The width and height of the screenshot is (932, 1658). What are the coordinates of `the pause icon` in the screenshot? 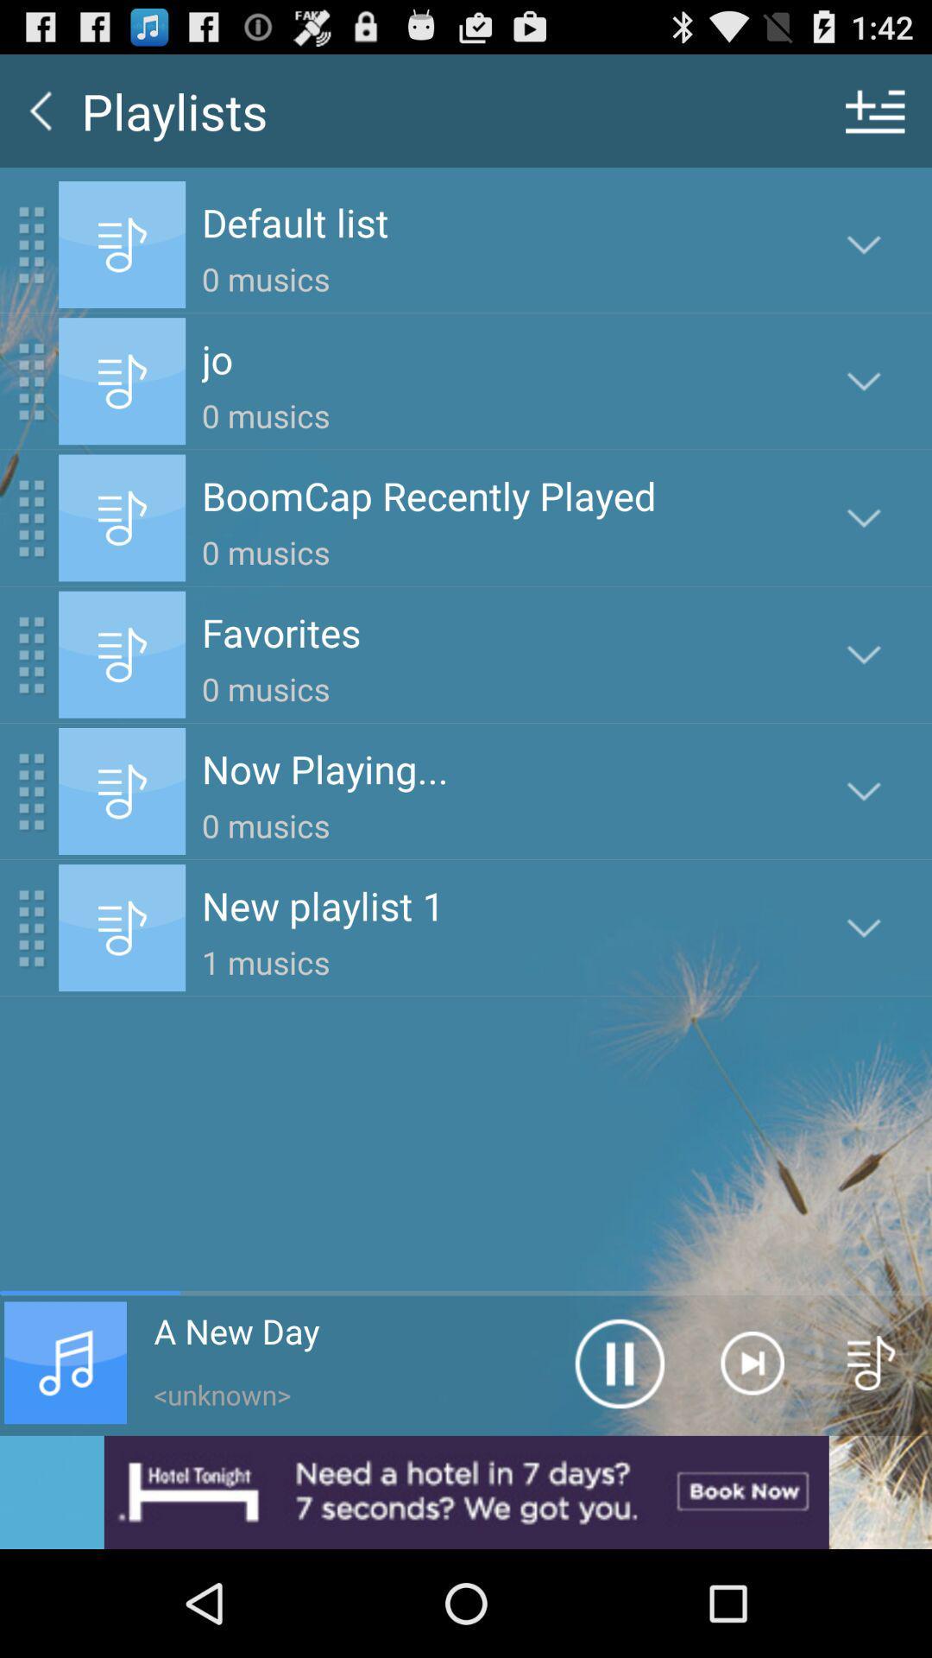 It's located at (618, 1458).